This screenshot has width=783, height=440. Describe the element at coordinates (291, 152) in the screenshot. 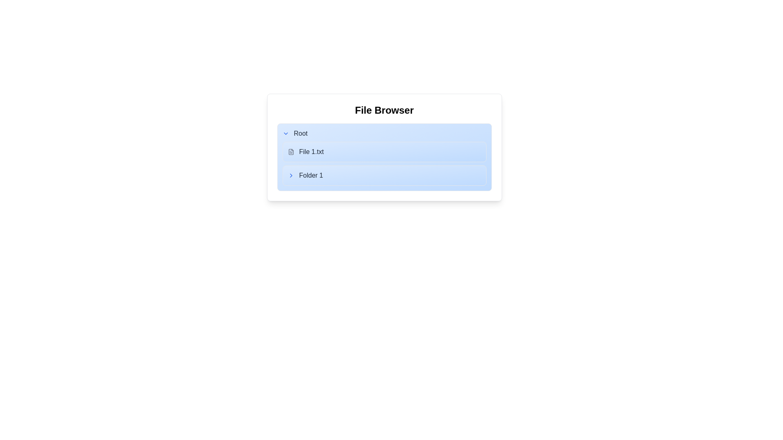

I see `the icon representing the file type for 'File 1.txt', located to the left of the item in the list under 'Root'` at that location.